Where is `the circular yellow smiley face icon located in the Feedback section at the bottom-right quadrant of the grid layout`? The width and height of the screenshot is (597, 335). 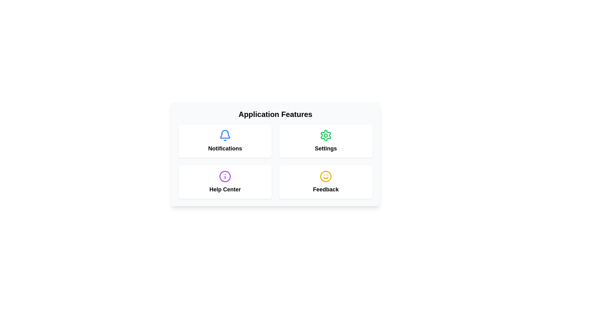
the circular yellow smiley face icon located in the Feedback section at the bottom-right quadrant of the grid layout is located at coordinates (325, 176).